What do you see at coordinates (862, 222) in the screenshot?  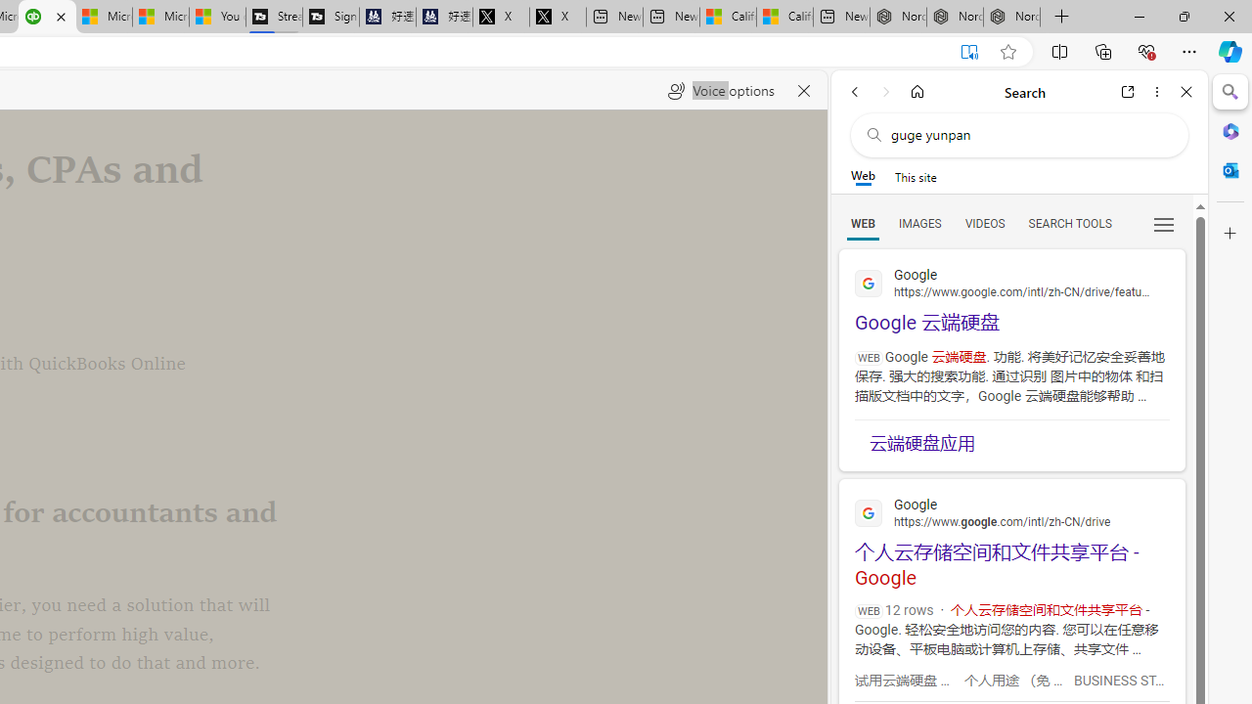 I see `'WEB  '` at bounding box center [862, 222].